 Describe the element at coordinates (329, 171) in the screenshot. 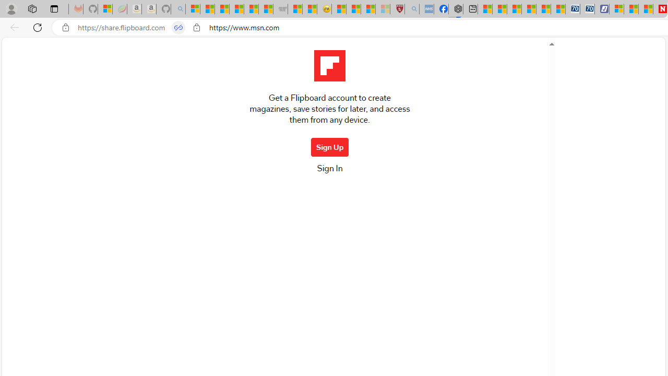

I see `'Sign In'` at that location.